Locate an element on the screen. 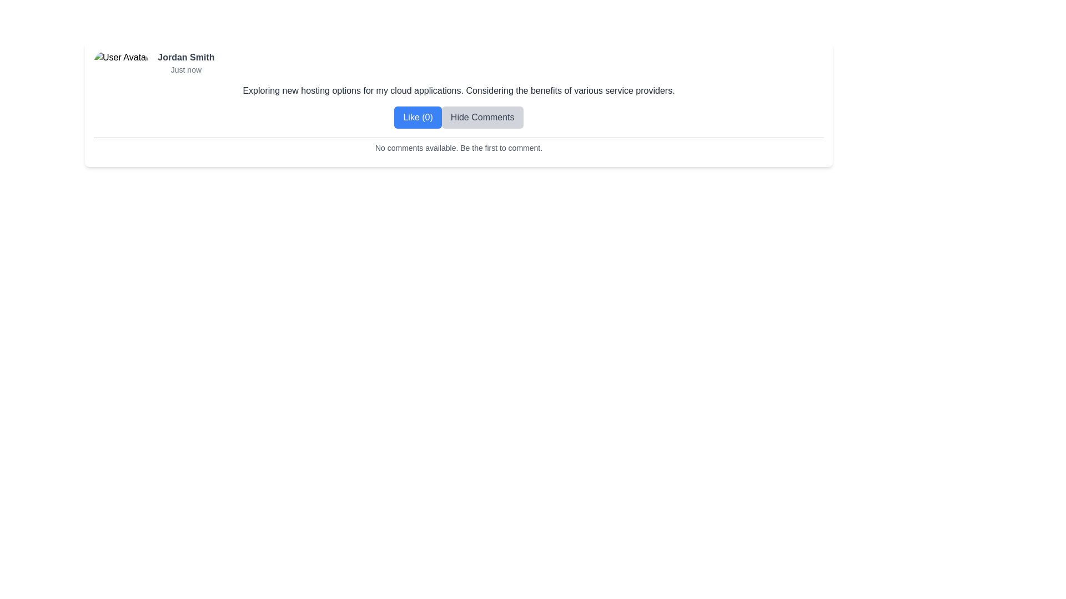 The image size is (1066, 599). the Text label that indicates the relative time when the post or message was created, which is located directly below the 'Jordan Smith' text in the upper-left area of the post or message card is located at coordinates (186, 70).